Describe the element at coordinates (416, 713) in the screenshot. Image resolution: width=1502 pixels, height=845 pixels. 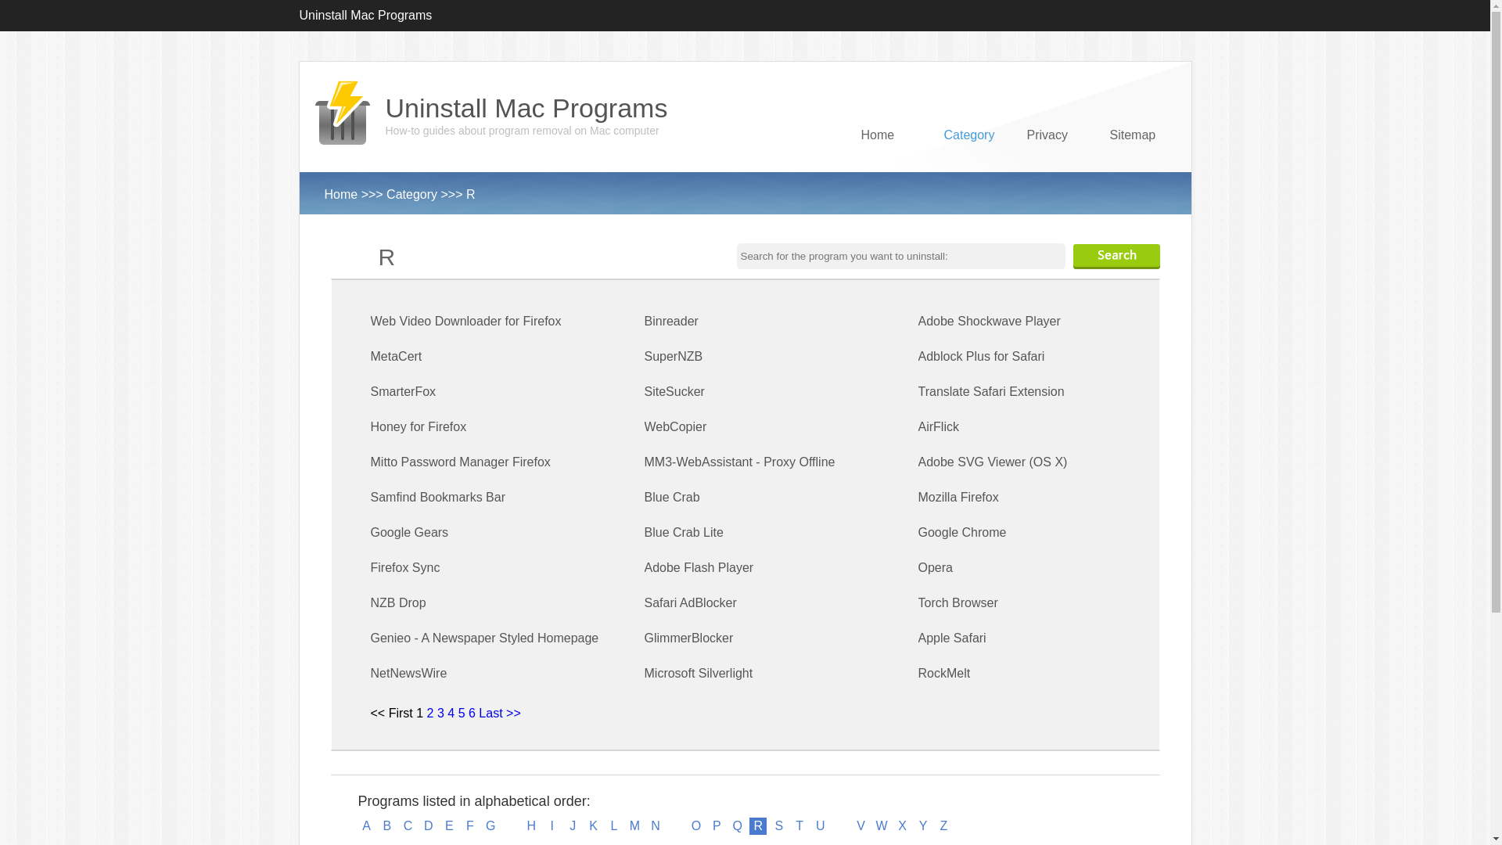
I see `'1'` at that location.